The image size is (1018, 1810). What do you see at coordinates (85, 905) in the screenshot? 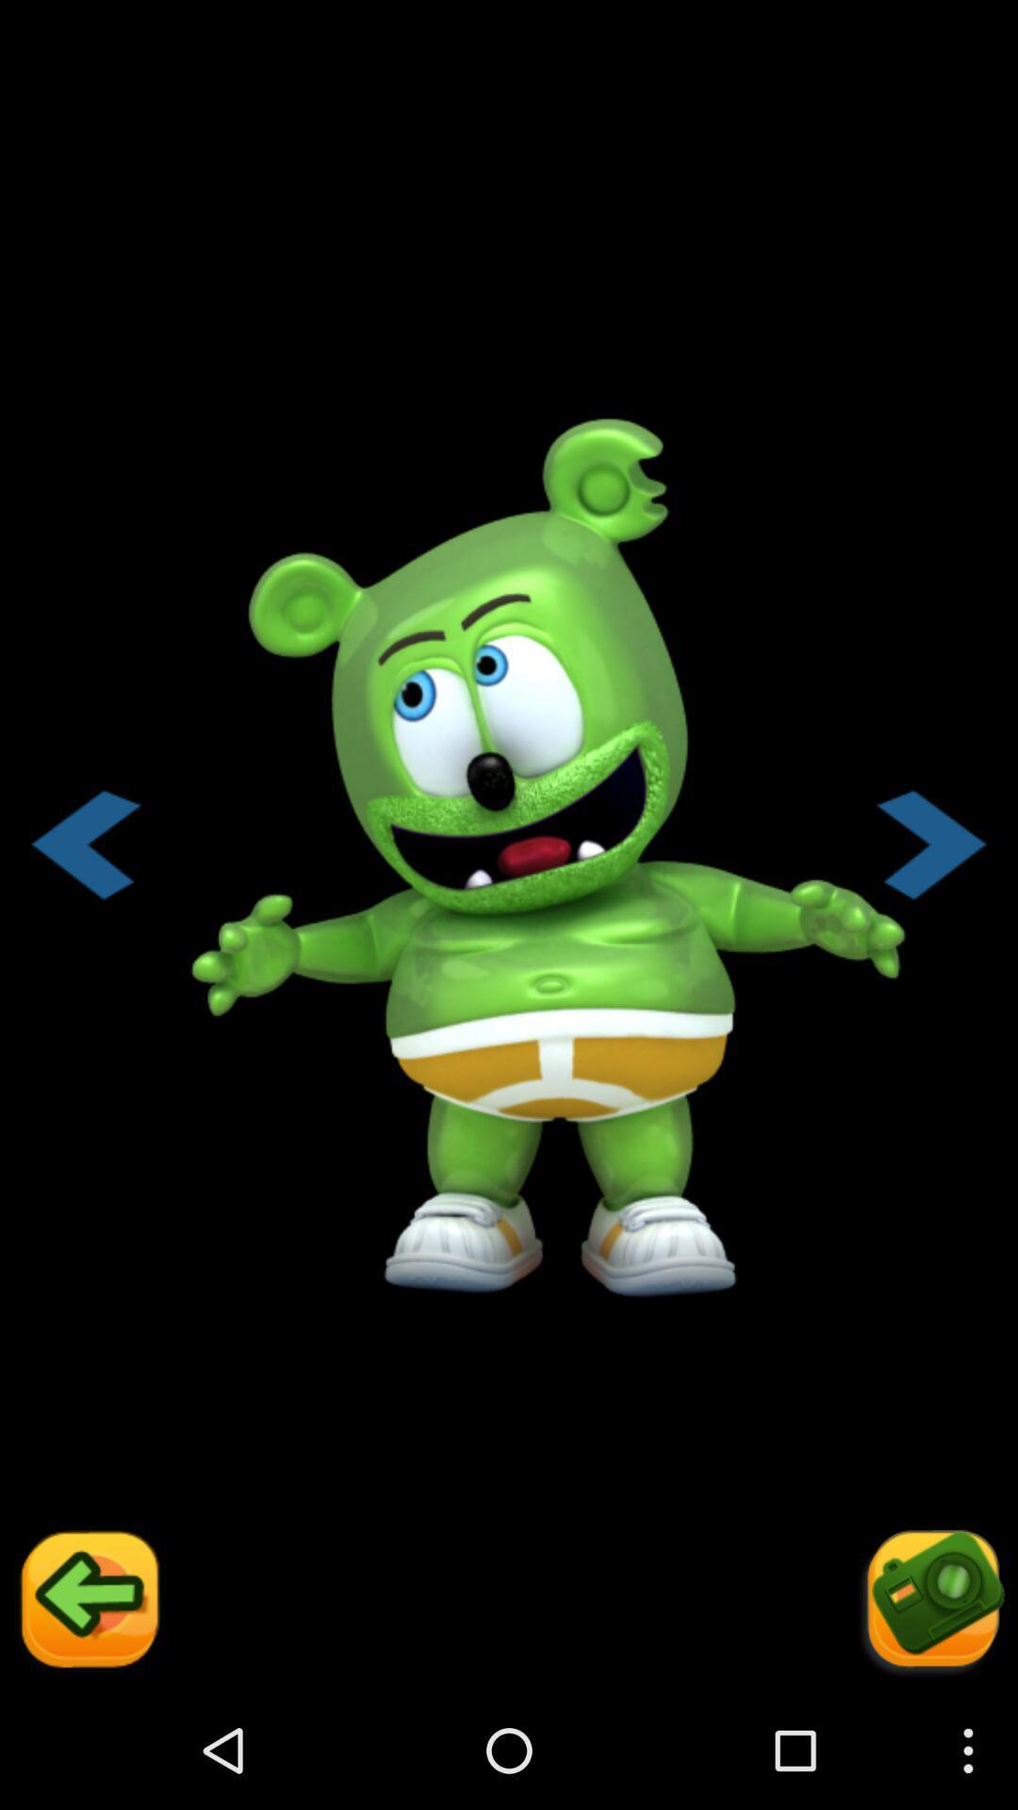
I see `the arrow_backward icon` at bounding box center [85, 905].